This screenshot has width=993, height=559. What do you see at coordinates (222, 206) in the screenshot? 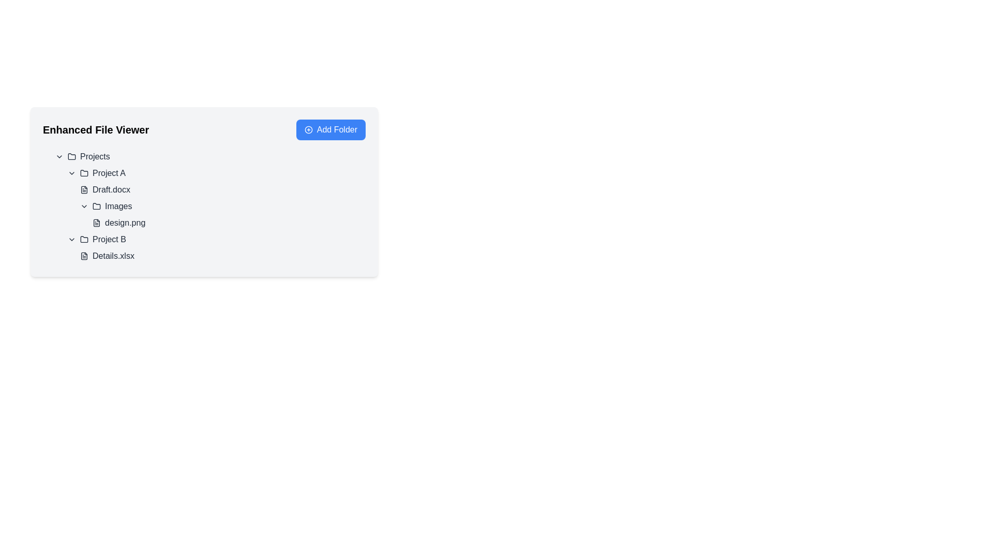
I see `the 'Images' collapsible folder label` at bounding box center [222, 206].